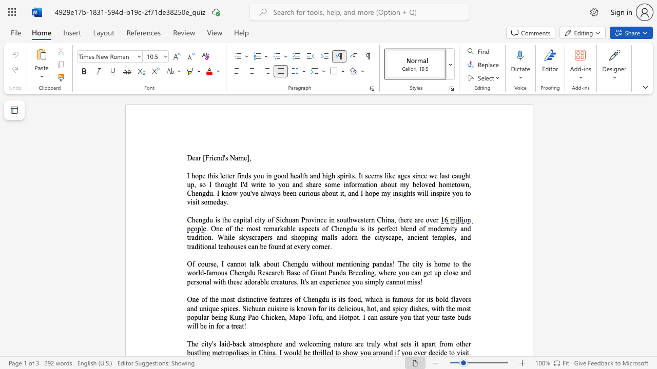  I want to click on the space between the continuous character "y" and "o" in the text, so click(356, 282).